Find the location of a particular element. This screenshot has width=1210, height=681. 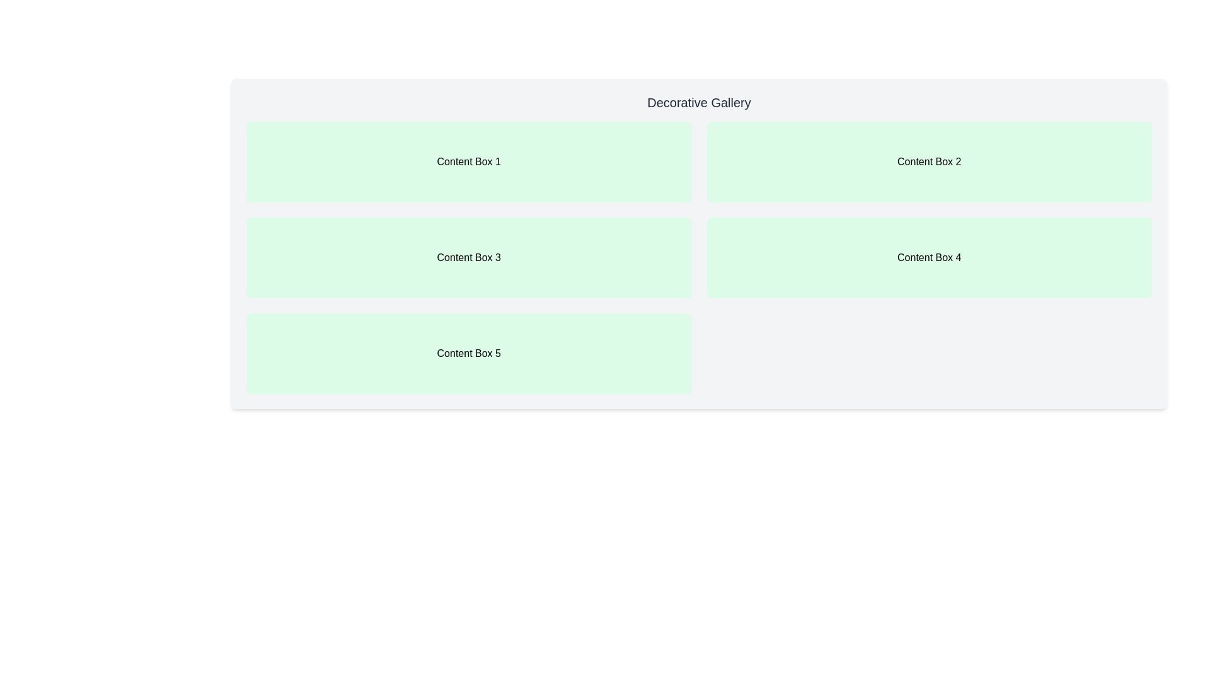

the rectangular box with rounded corners and a light green background that contains the text 'Content Box 2' is located at coordinates (929, 161).